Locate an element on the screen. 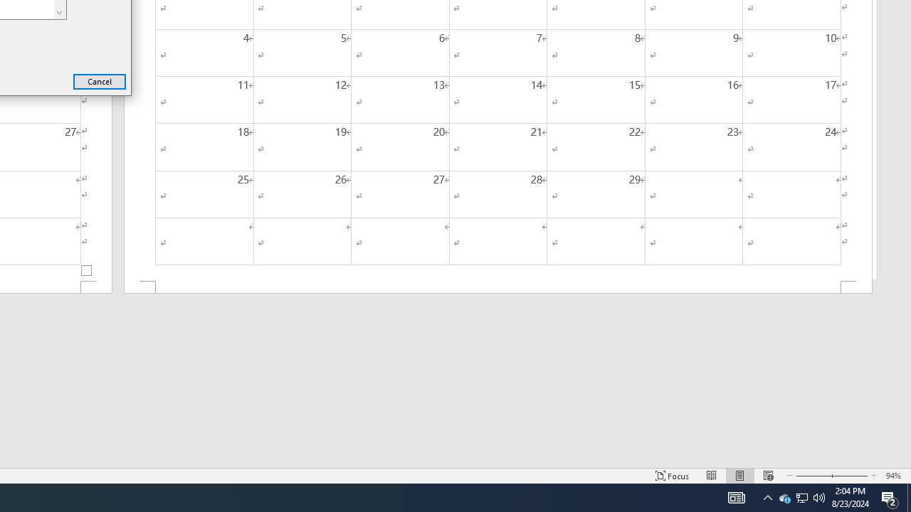 The height and width of the screenshot is (512, 911). 'Q2790: 100%' is located at coordinates (819, 496).